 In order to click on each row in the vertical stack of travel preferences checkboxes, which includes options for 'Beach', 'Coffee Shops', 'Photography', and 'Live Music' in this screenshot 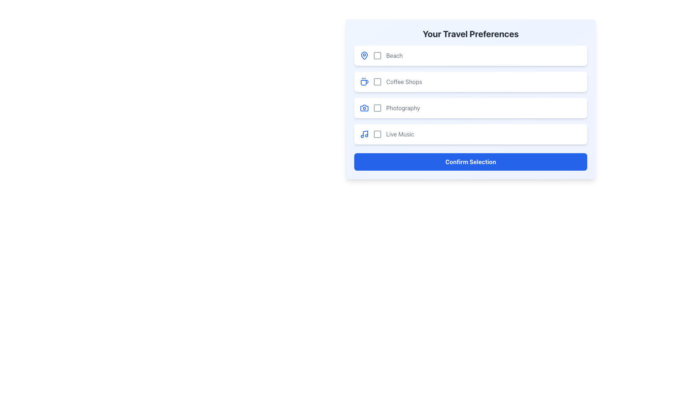, I will do `click(470, 95)`.